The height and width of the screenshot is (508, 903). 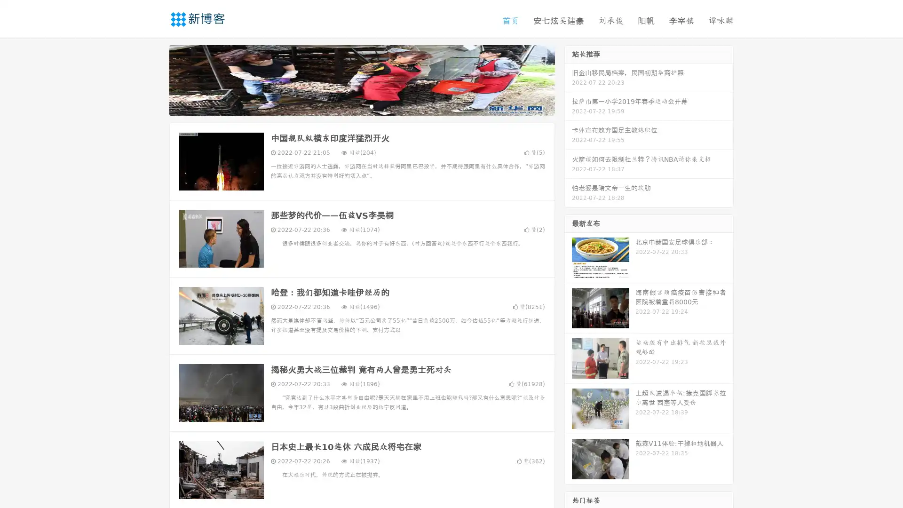 What do you see at coordinates (371, 106) in the screenshot?
I see `Go to slide 3` at bounding box center [371, 106].